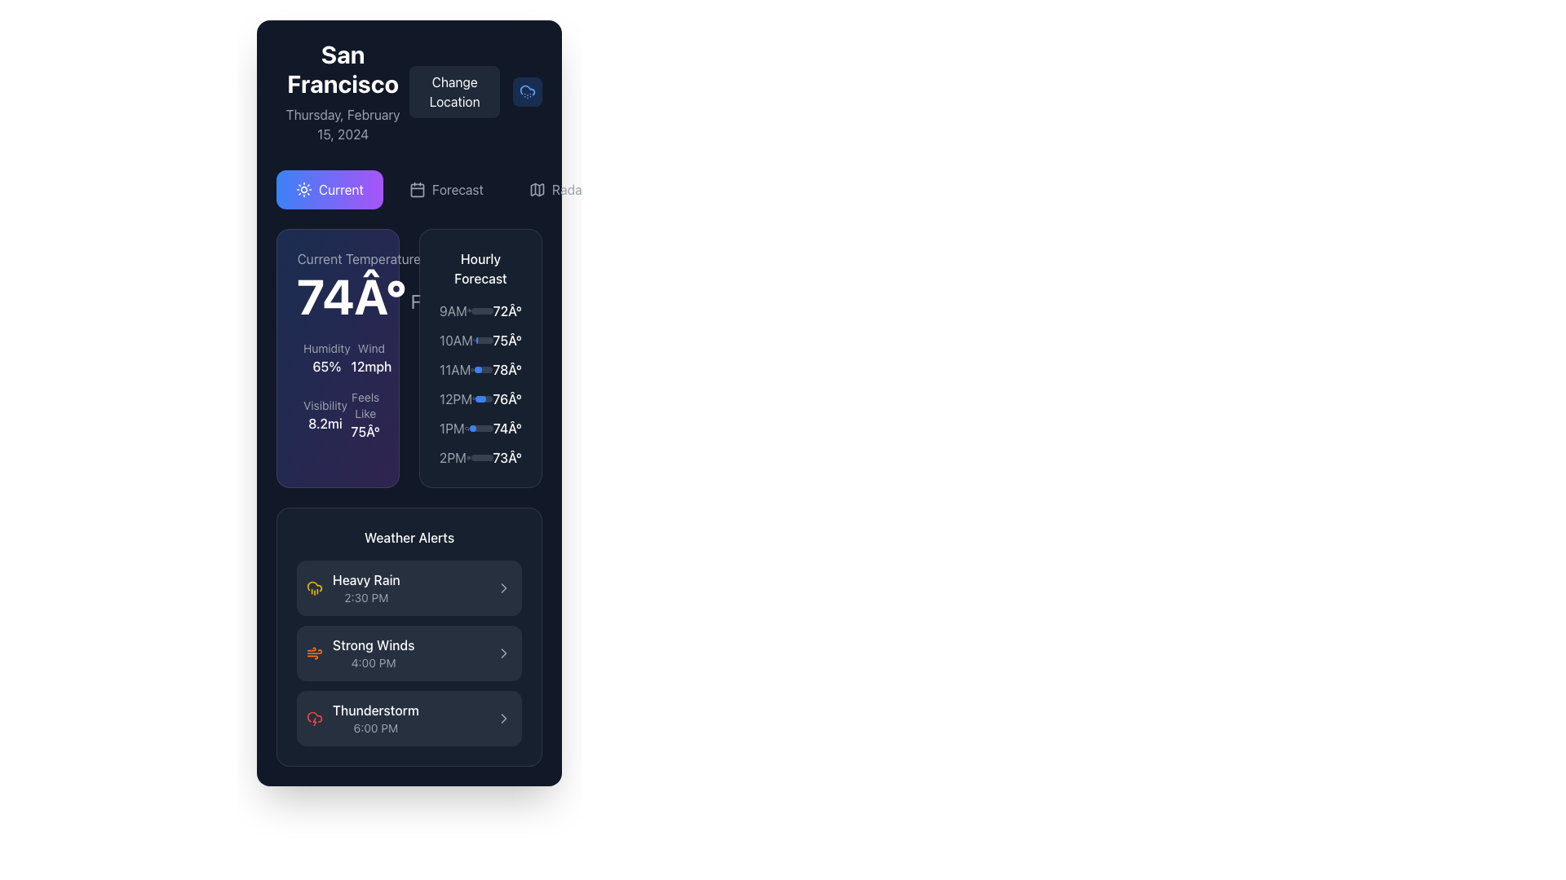 The width and height of the screenshot is (1566, 880). Describe the element at coordinates (528, 91) in the screenshot. I see `the button with a light blue cloud icon and snowflakes, located to the right of the 'Change Location' button, to activate hover effects` at that location.